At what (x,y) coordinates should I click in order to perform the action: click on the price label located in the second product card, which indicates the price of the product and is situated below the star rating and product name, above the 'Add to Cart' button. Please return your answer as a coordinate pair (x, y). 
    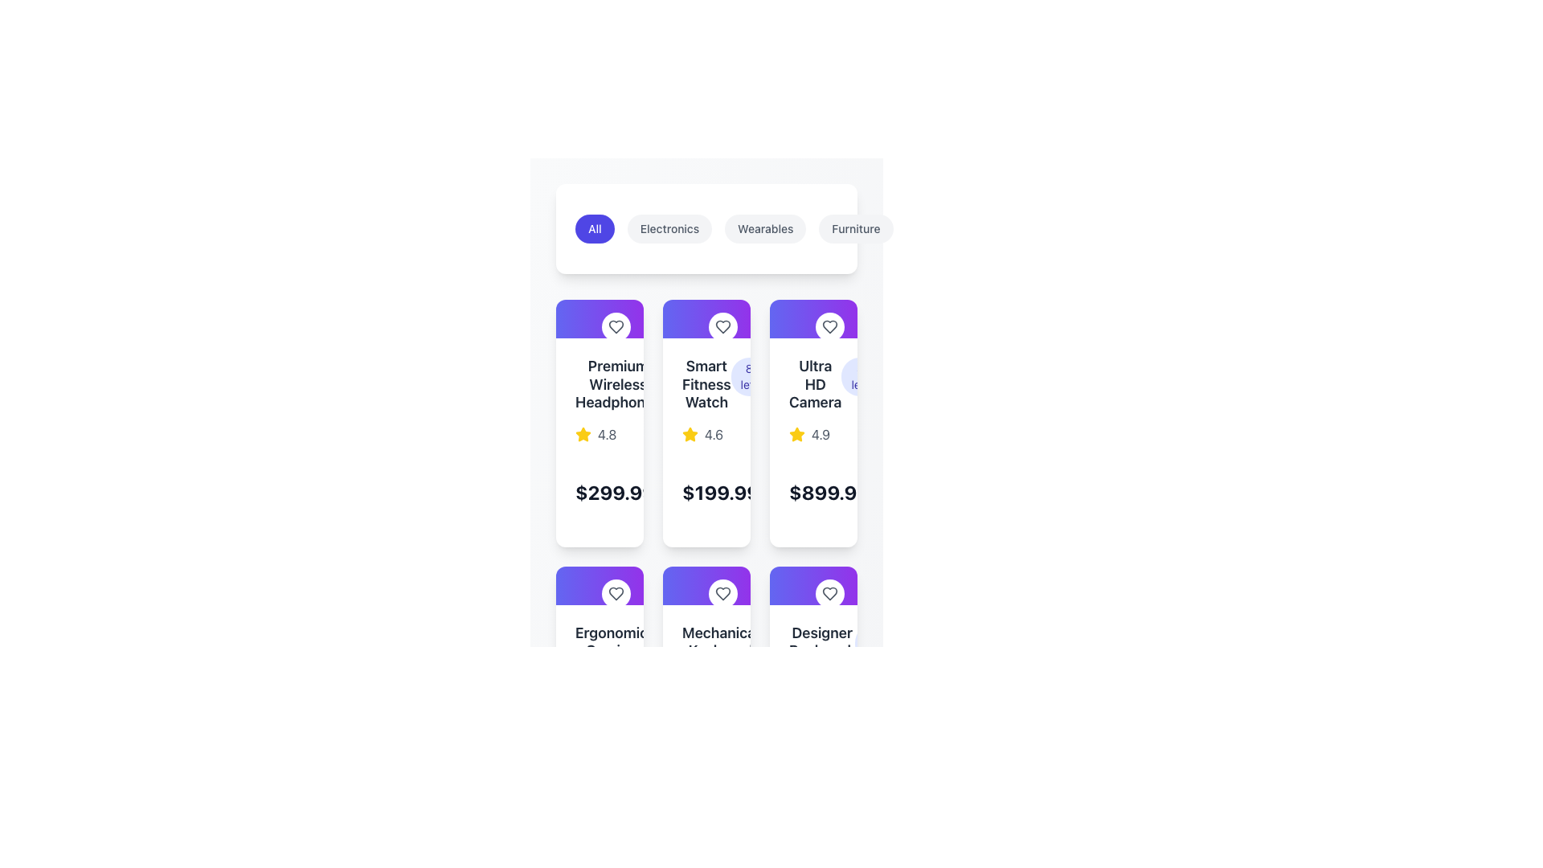
    Looking at the image, I should click on (720, 491).